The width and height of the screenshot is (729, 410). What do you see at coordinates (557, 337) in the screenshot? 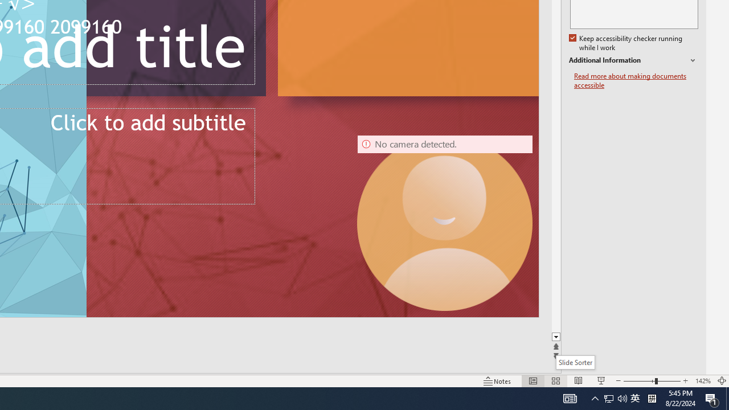
I see `'Line down'` at bounding box center [557, 337].